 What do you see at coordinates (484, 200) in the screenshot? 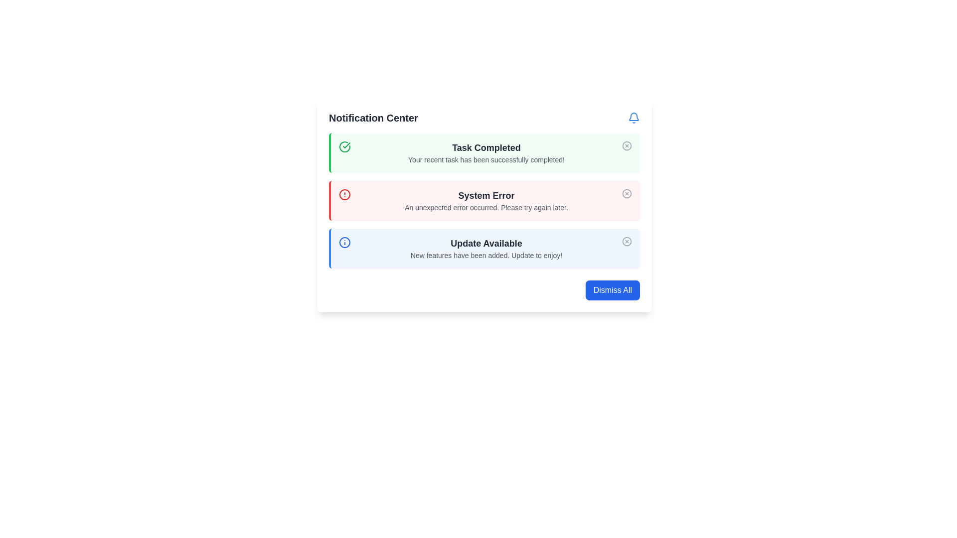
I see `displayed information from the Notification box containing the text 'System Error' and its description 'An unexpected error occurred. Please try again later.'` at bounding box center [484, 200].